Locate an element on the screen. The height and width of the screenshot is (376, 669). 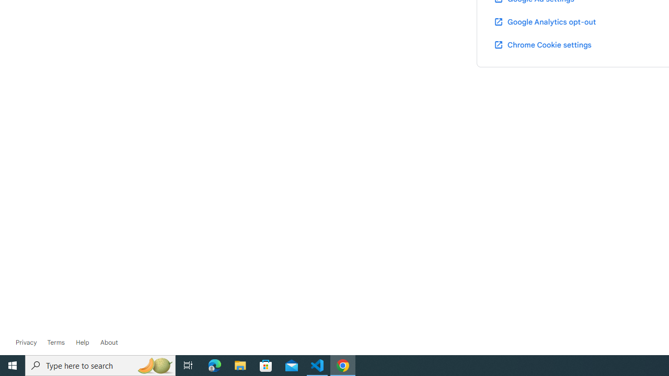
'Terms' is located at coordinates (55, 342).